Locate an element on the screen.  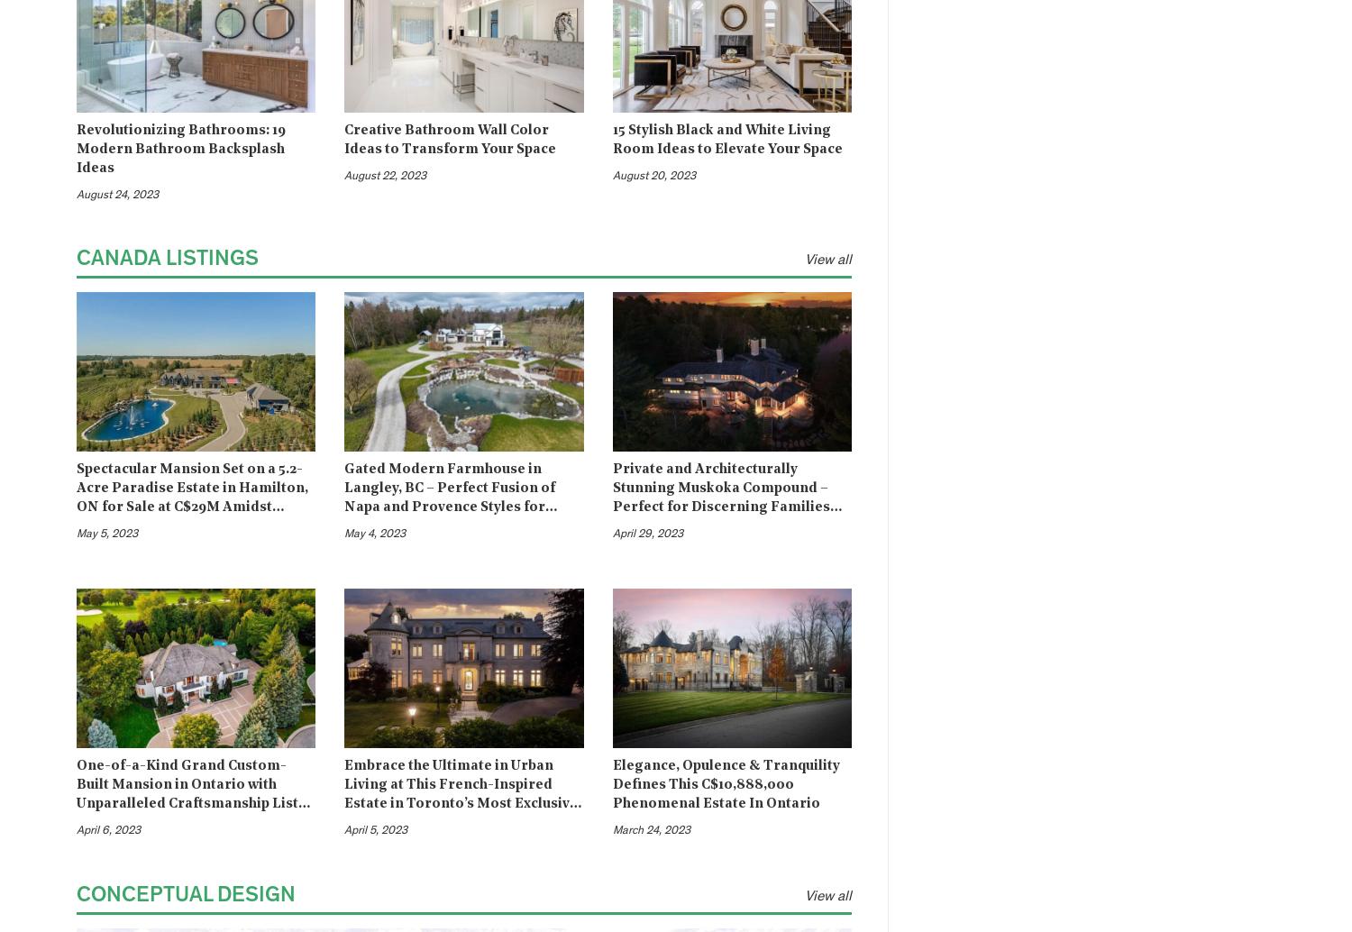
'Private and Architecturally Stunning Muskoka Compound – Perfect for Discerning Families Listing at C$11.995M' is located at coordinates (612, 497).